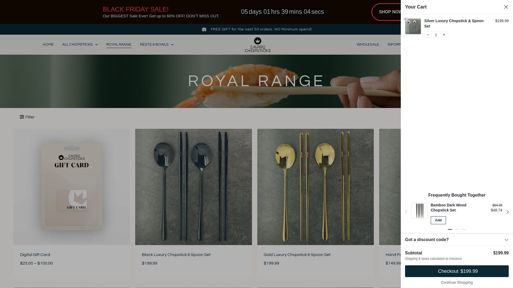 Image resolution: width=513 pixels, height=288 pixels. I want to click on 'CONTACT US', so click(437, 44).